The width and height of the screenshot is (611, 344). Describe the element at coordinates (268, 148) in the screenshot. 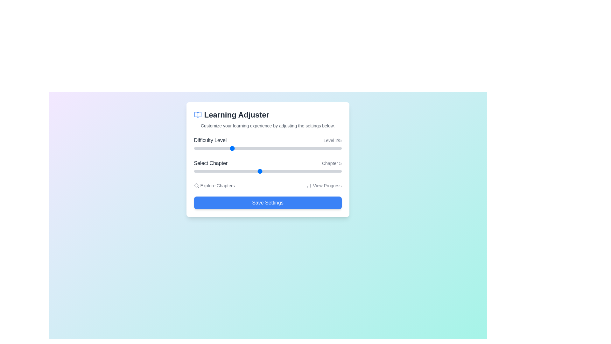

I see `the learning difficulty level` at that location.